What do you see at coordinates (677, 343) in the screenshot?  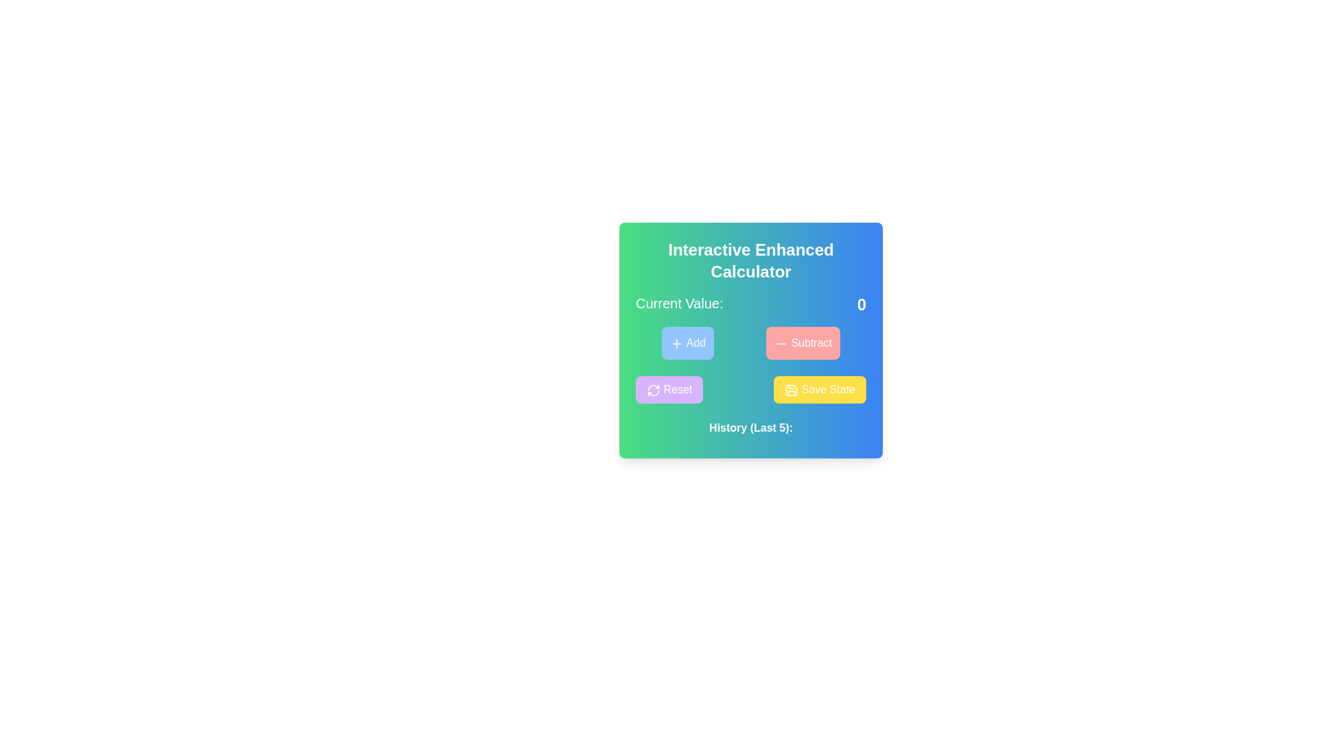 I see `the 'Add' SVG icon, which is the central icon within the 'Add' button located in the middle-left section of the calculator layout` at bounding box center [677, 343].